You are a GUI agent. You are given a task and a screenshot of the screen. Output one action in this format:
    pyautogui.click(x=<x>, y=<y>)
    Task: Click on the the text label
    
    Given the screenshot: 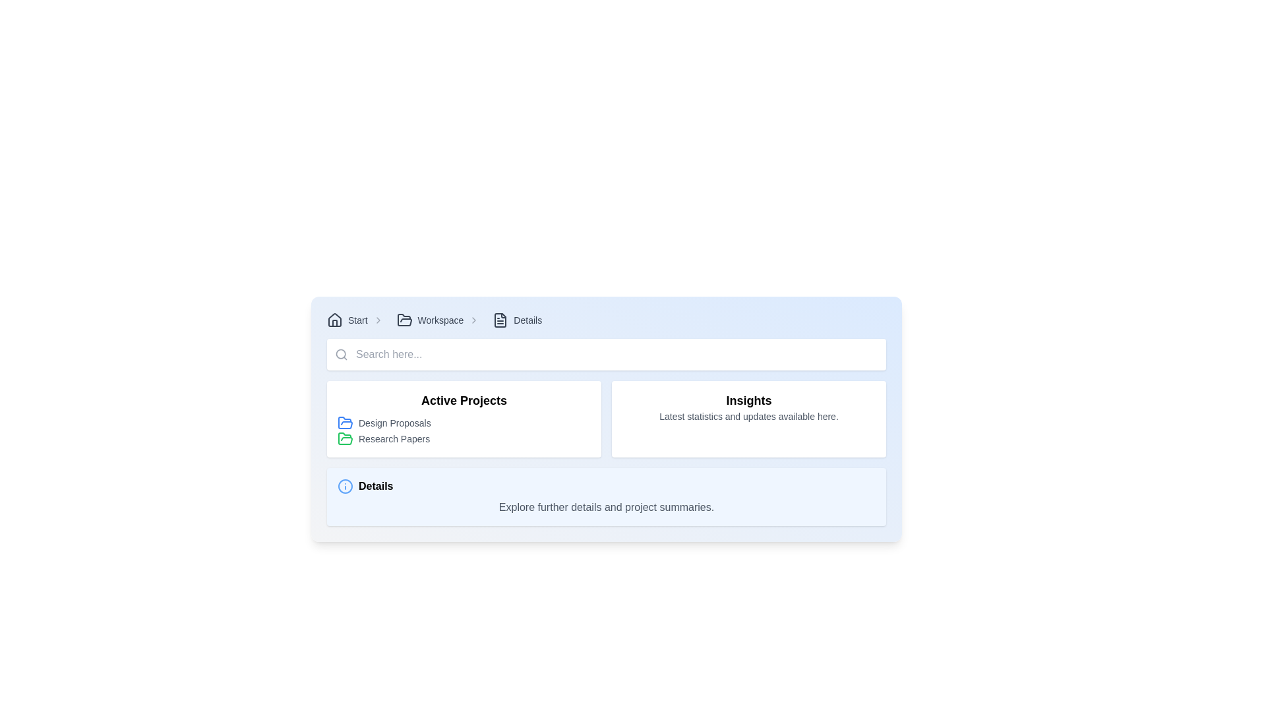 What is the action you would take?
    pyautogui.click(x=394, y=439)
    